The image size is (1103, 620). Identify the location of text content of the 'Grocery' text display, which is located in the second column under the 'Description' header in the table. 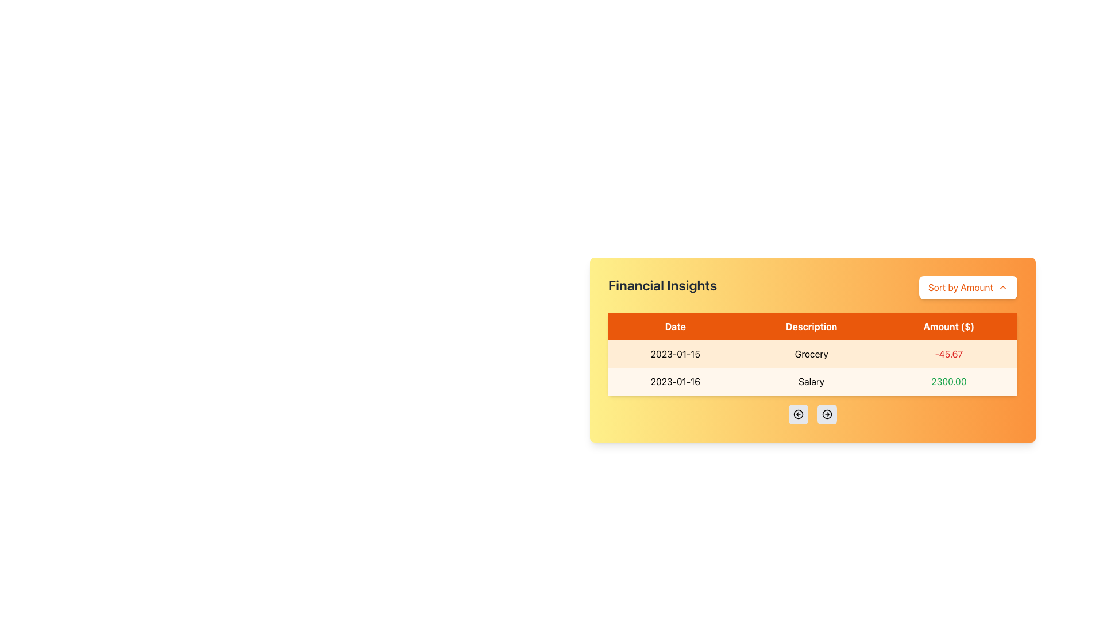
(811, 354).